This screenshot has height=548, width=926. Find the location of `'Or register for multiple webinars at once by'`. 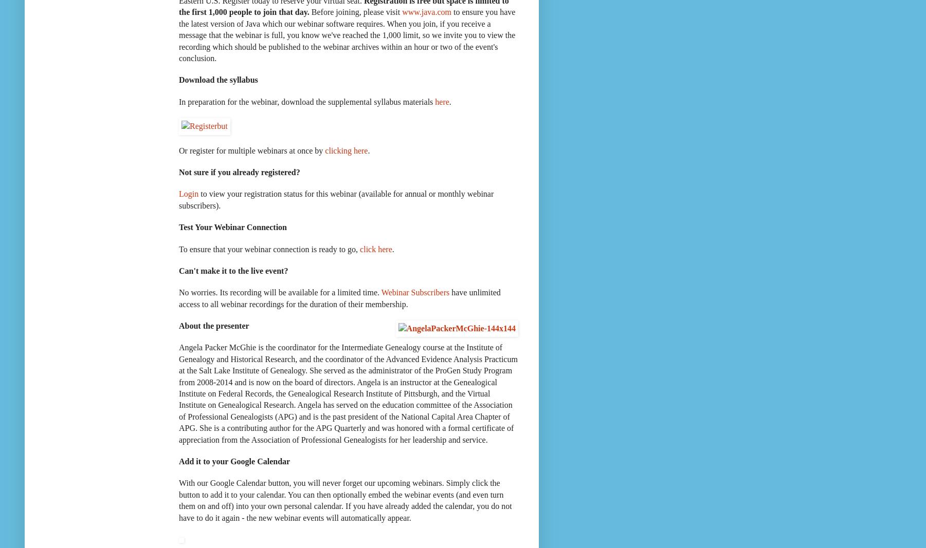

'Or register for multiple webinars at once by' is located at coordinates (251, 150).